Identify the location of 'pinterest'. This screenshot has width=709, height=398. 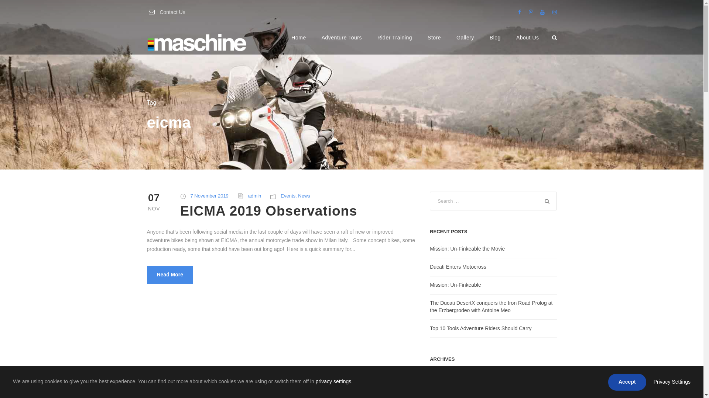
(530, 12).